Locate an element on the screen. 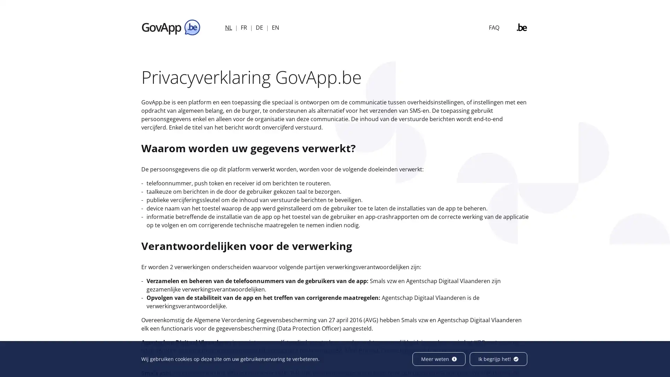 This screenshot has height=377, width=670. Ik begrijp het! is located at coordinates (498, 359).